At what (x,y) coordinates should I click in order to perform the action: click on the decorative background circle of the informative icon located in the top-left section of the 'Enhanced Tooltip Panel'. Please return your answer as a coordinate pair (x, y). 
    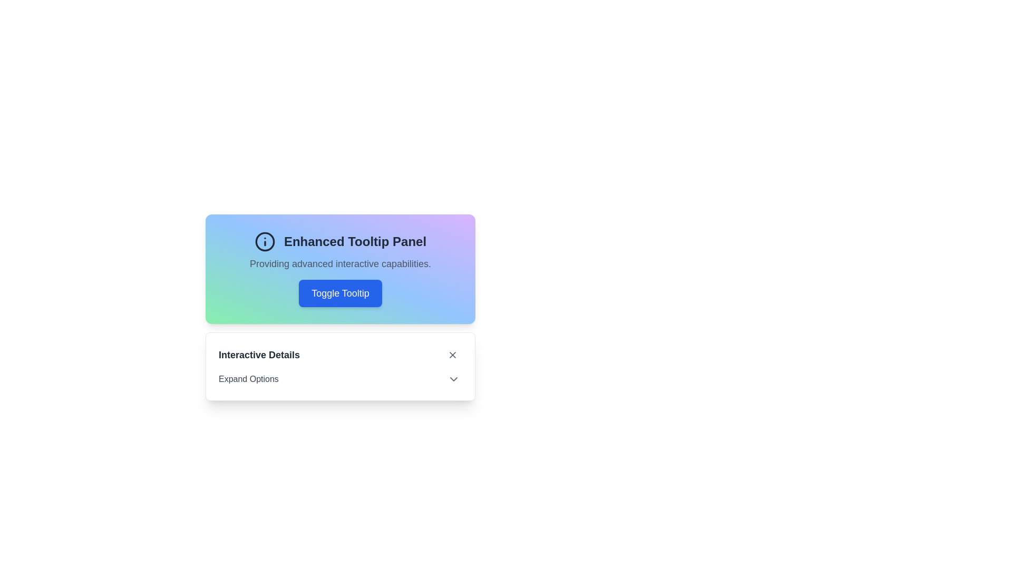
    Looking at the image, I should click on (265, 242).